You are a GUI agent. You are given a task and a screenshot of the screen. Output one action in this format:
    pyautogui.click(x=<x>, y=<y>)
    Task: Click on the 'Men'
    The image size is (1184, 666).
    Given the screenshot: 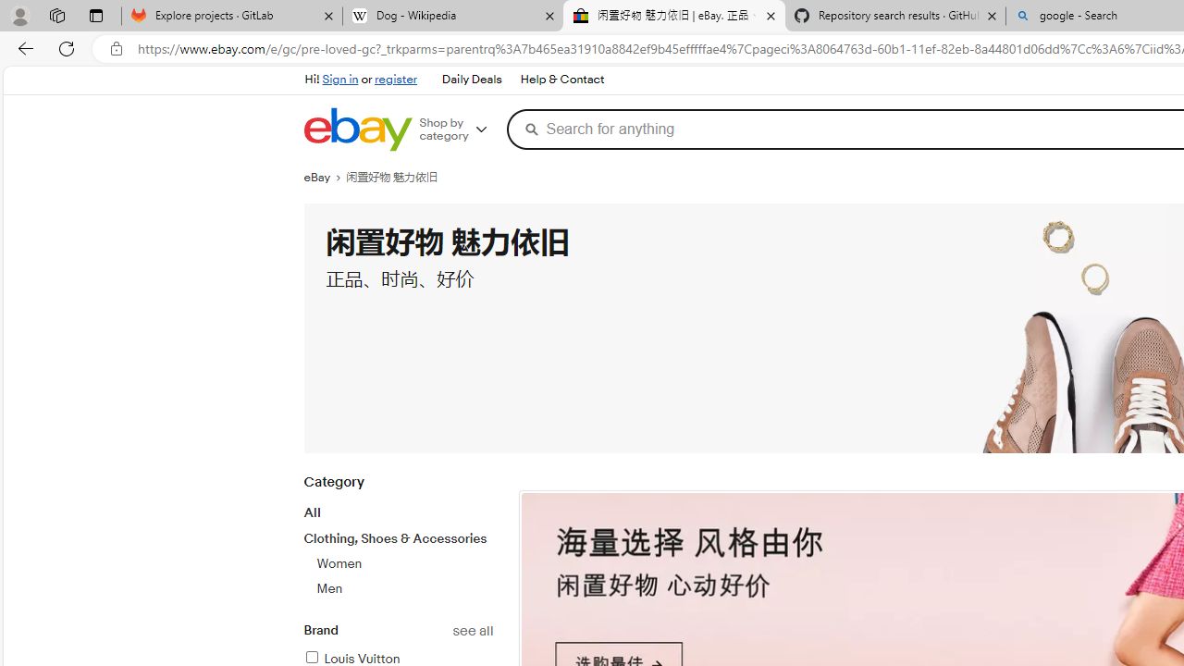 What is the action you would take?
    pyautogui.click(x=403, y=588)
    